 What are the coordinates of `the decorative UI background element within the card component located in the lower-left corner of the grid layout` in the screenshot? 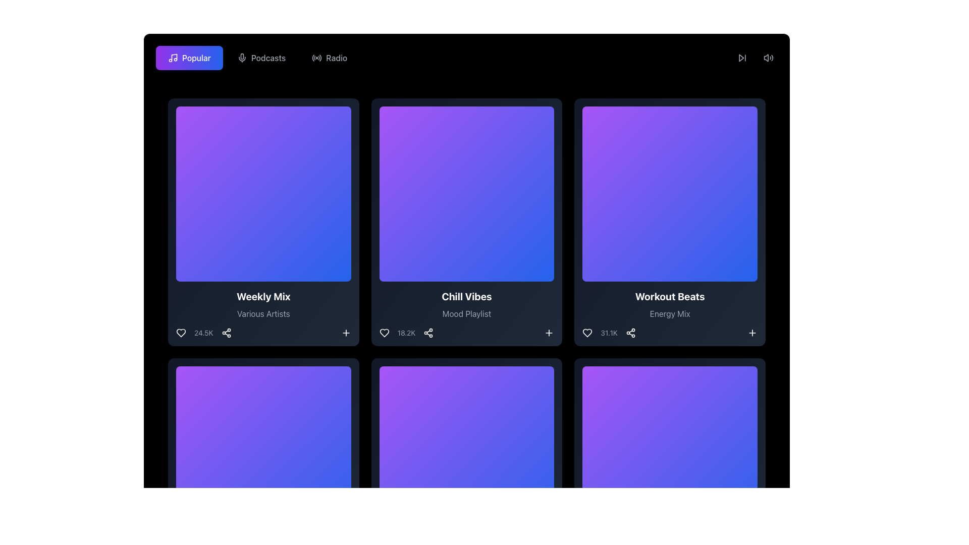 It's located at (263, 453).